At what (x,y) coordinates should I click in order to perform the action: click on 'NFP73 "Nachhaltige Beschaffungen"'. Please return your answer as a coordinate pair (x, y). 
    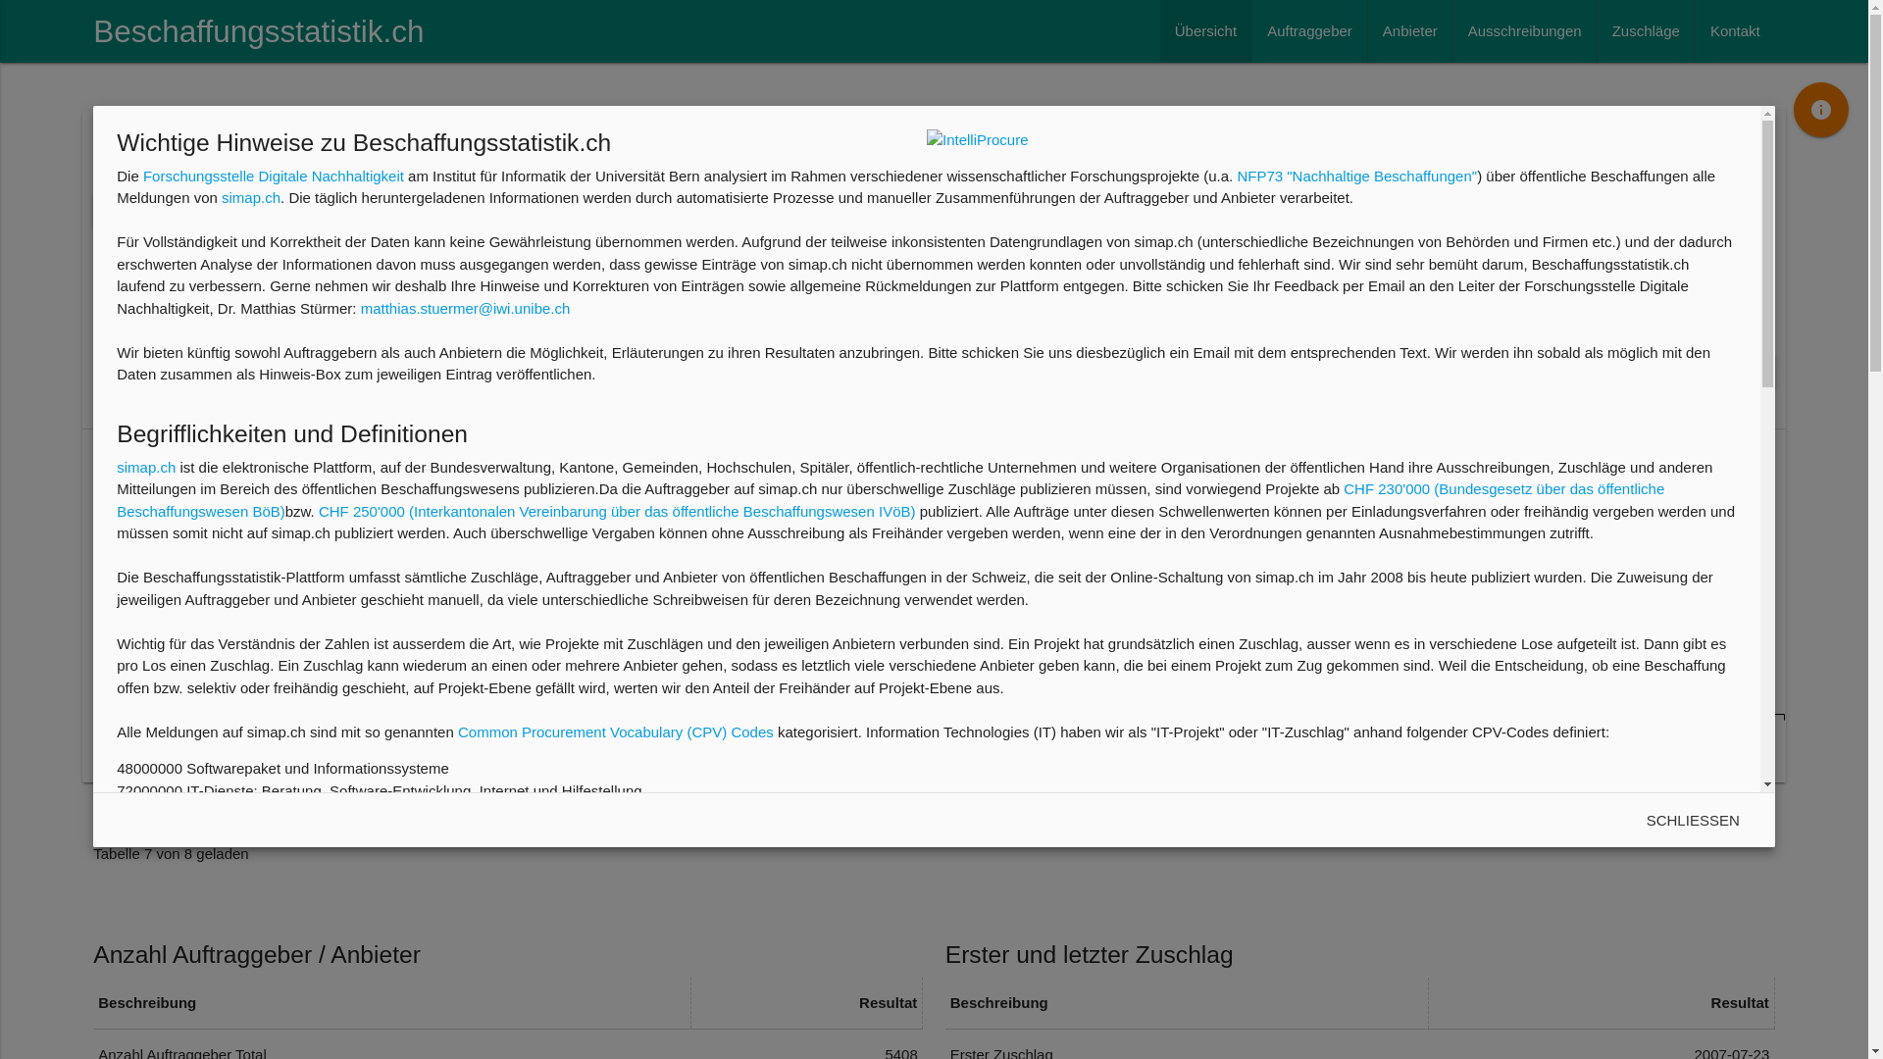
    Looking at the image, I should click on (1236, 175).